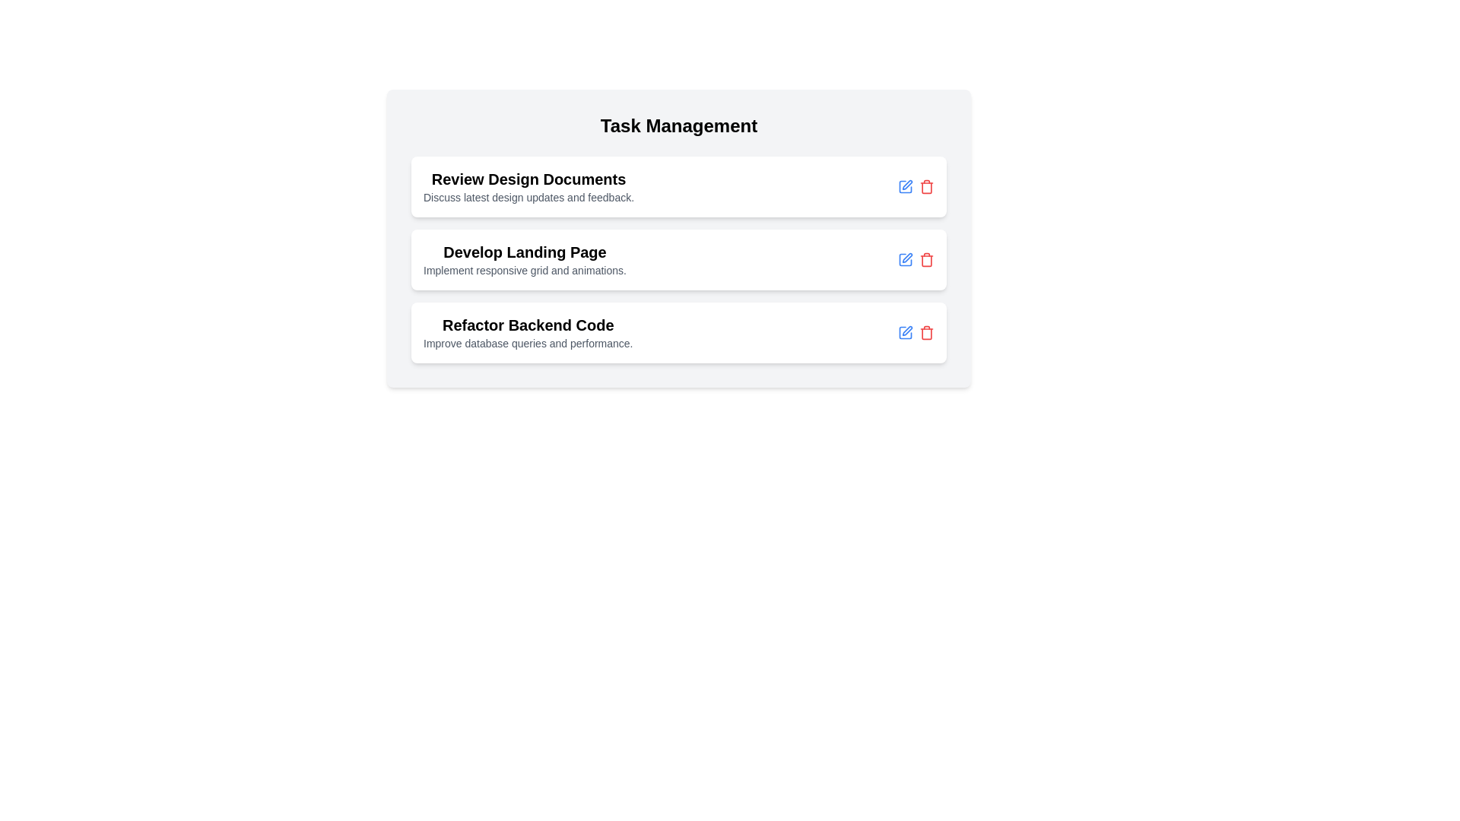 Image resolution: width=1460 pixels, height=821 pixels. What do you see at coordinates (926, 332) in the screenshot?
I see `the delete button associated with the third task item in the task management list` at bounding box center [926, 332].